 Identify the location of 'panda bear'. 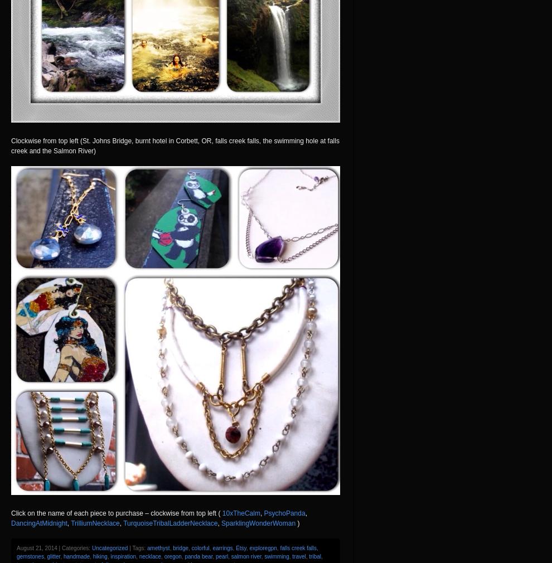
(198, 556).